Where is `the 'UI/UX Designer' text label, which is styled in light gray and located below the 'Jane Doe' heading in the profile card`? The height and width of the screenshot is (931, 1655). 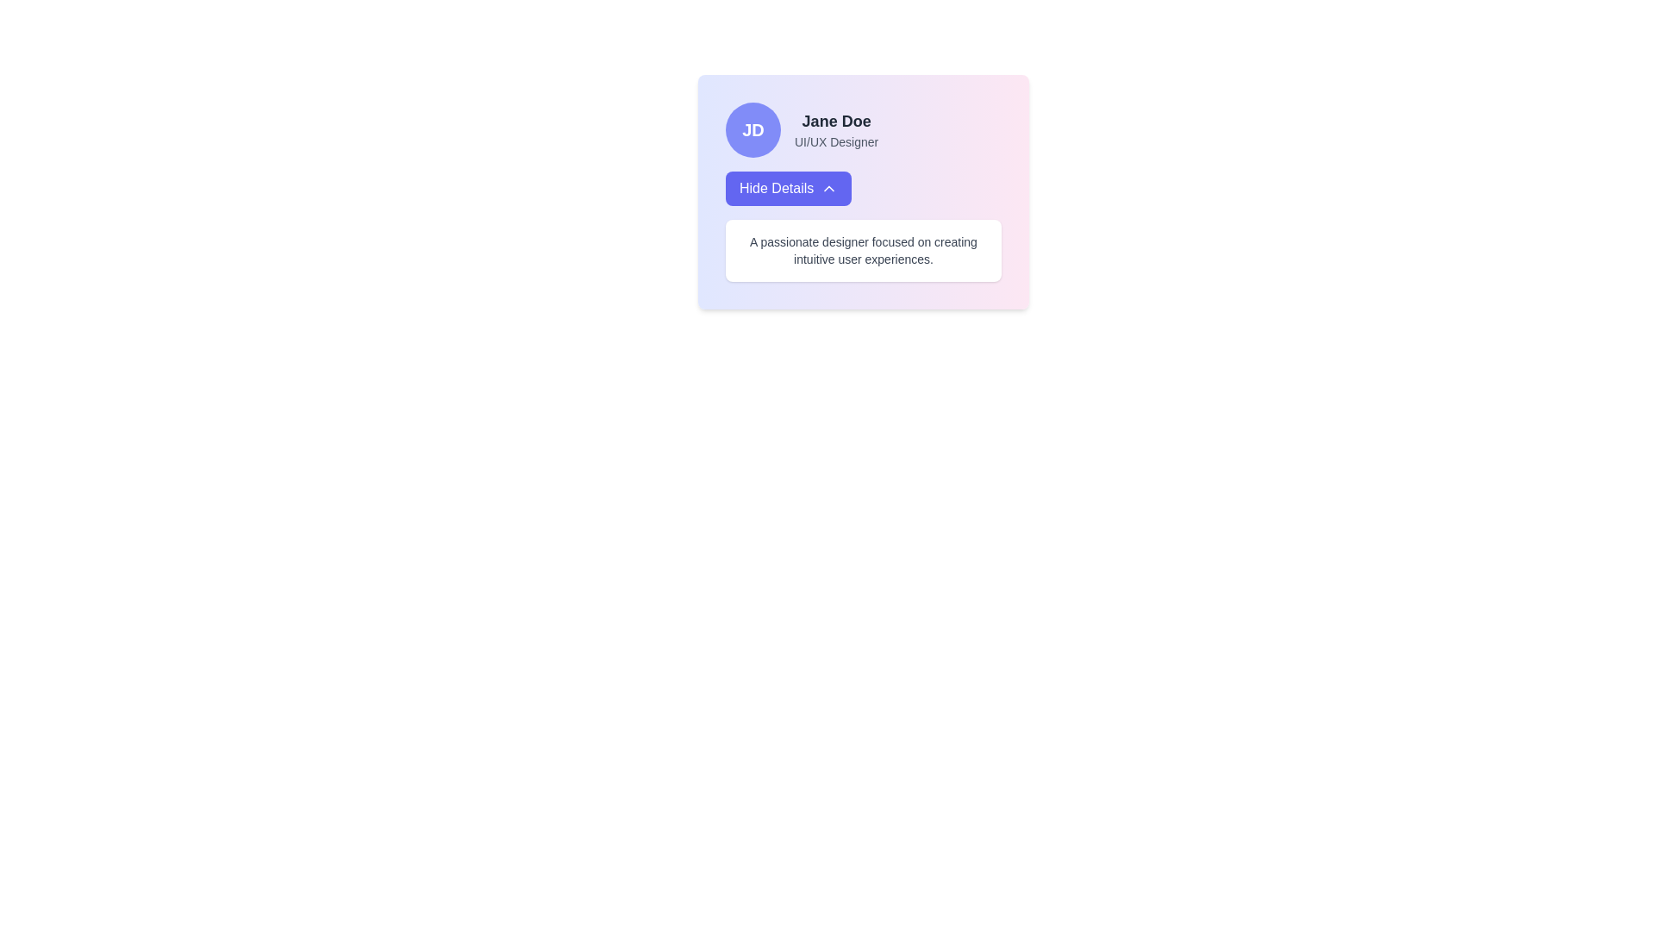
the 'UI/UX Designer' text label, which is styled in light gray and located below the 'Jane Doe' heading in the profile card is located at coordinates (836, 141).